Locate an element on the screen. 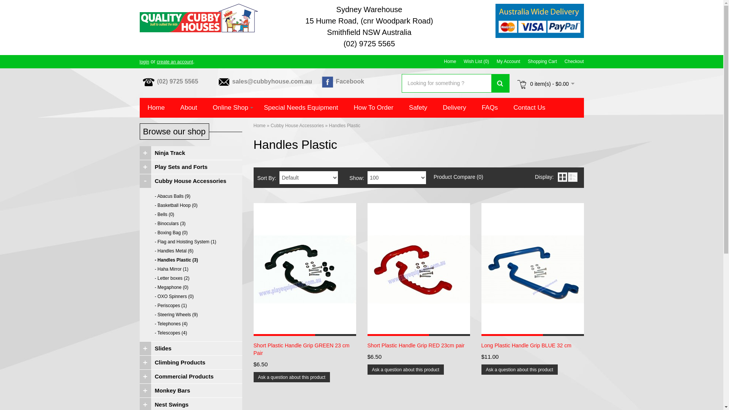 Image resolution: width=729 pixels, height=410 pixels. '- Telephones (4)' is located at coordinates (140, 323).